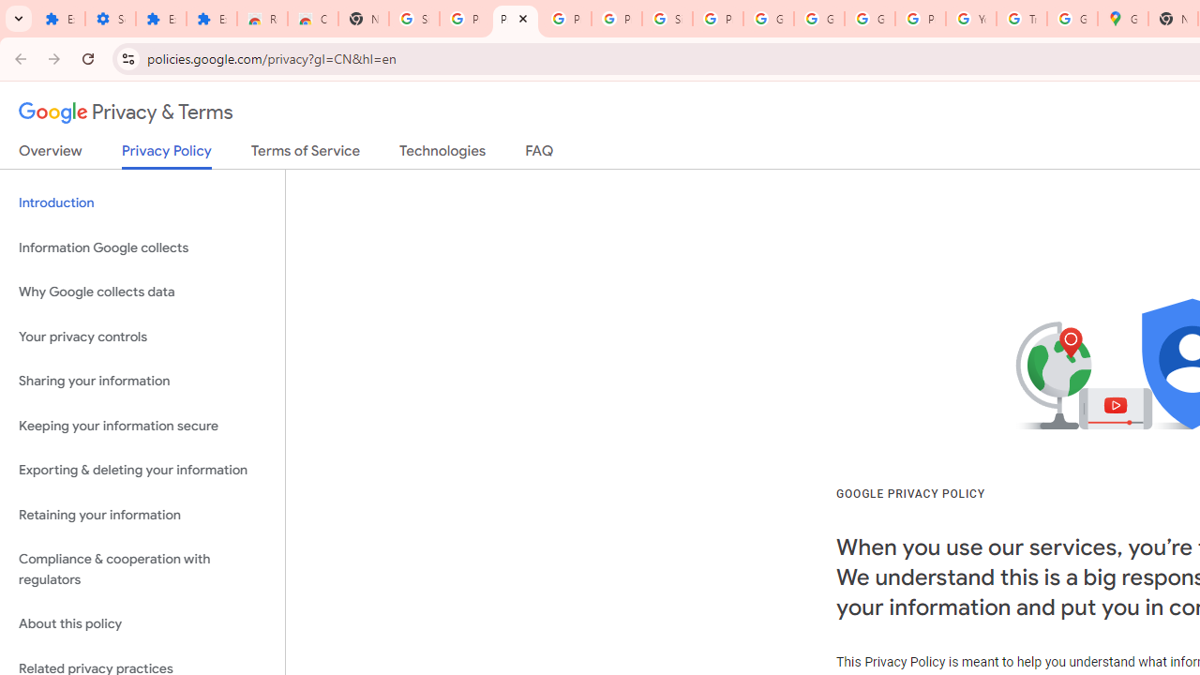  I want to click on 'Privacy & Terms', so click(126, 112).